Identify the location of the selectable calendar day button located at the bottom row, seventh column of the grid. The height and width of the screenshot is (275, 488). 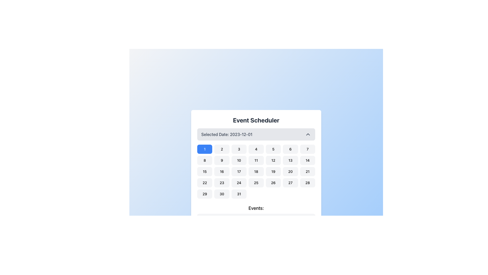
(239, 194).